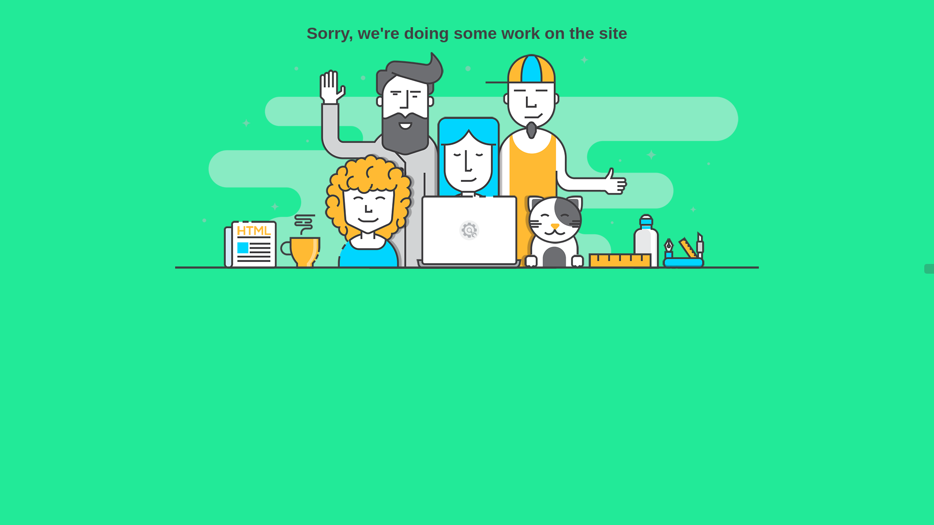 The width and height of the screenshot is (934, 525). What do you see at coordinates (467, 160) in the screenshot?
I see `'Our Best People at Work'` at bounding box center [467, 160].